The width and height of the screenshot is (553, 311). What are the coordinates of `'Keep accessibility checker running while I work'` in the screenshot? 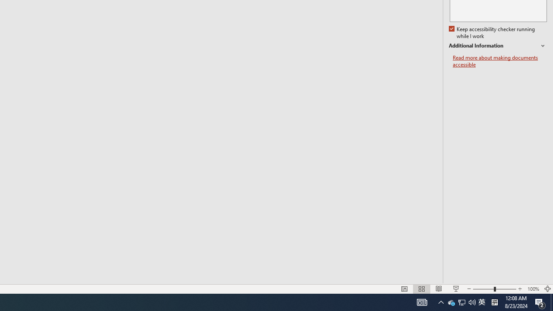 It's located at (493, 32).